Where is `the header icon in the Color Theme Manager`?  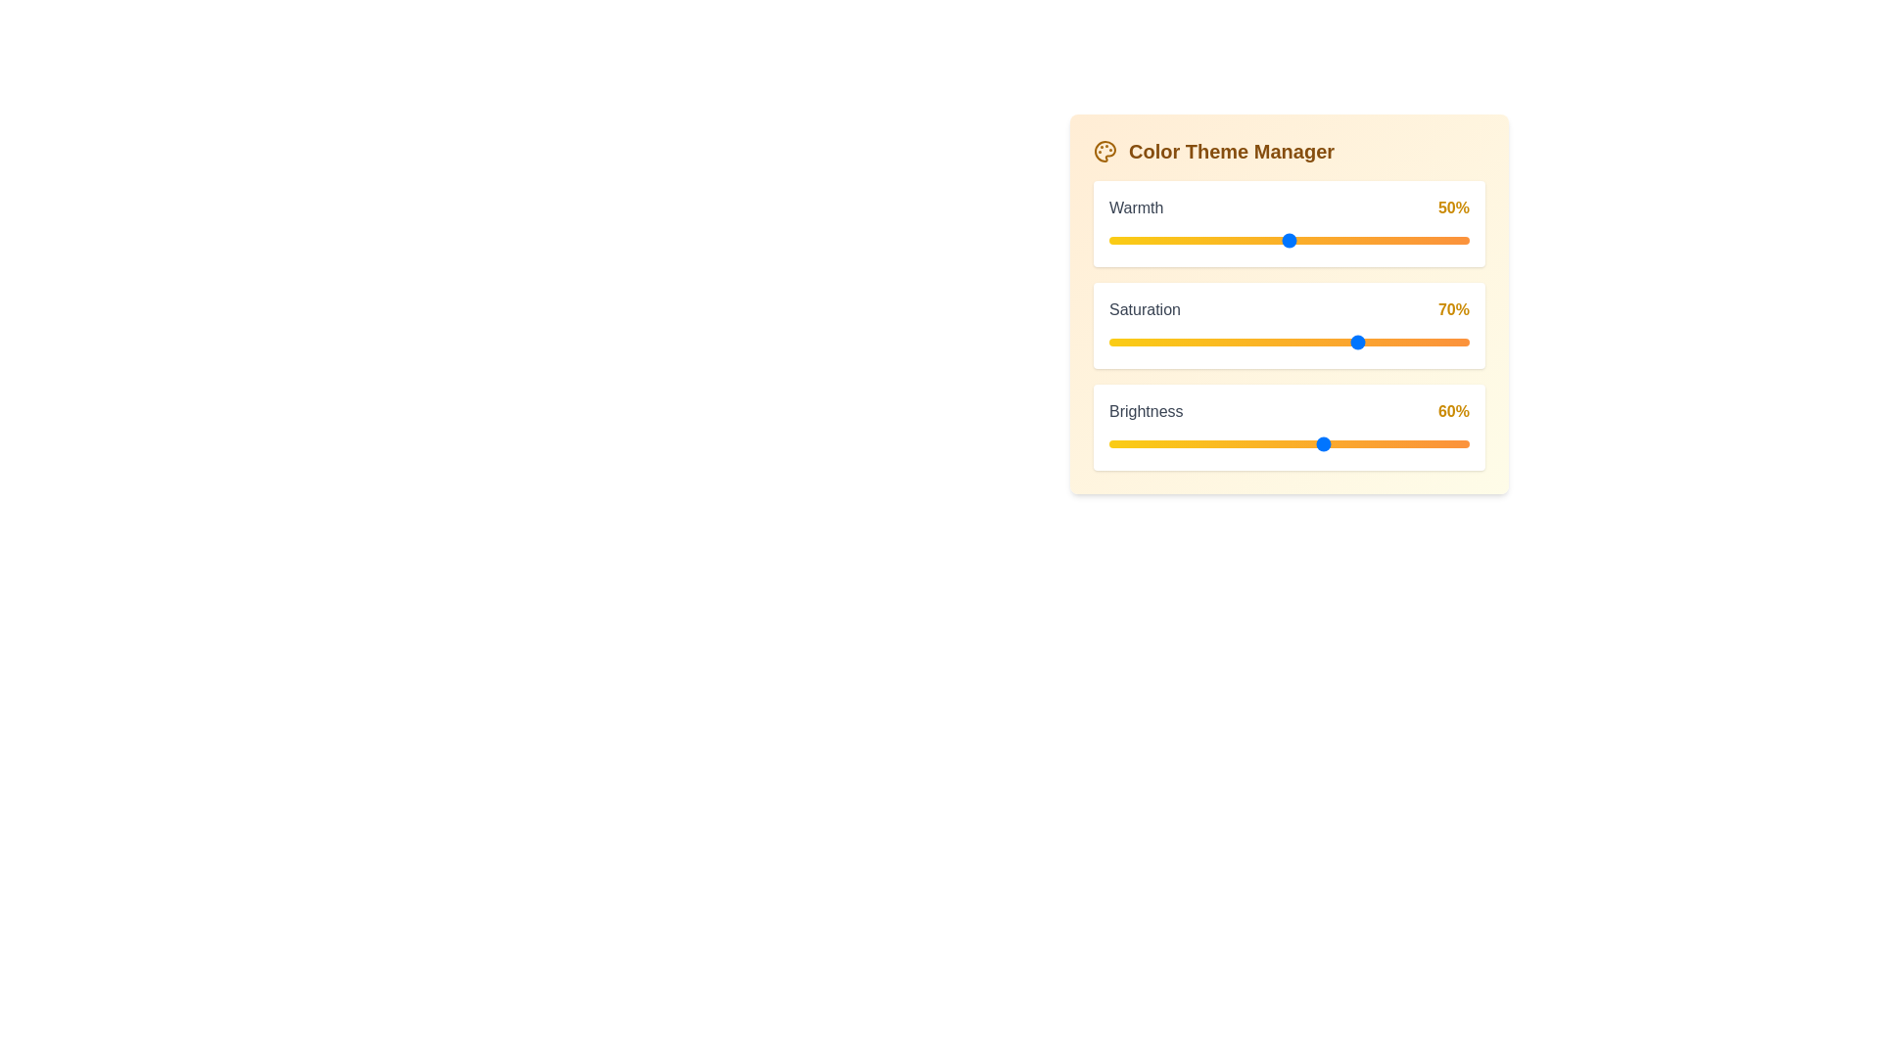 the header icon in the Color Theme Manager is located at coordinates (1104, 150).